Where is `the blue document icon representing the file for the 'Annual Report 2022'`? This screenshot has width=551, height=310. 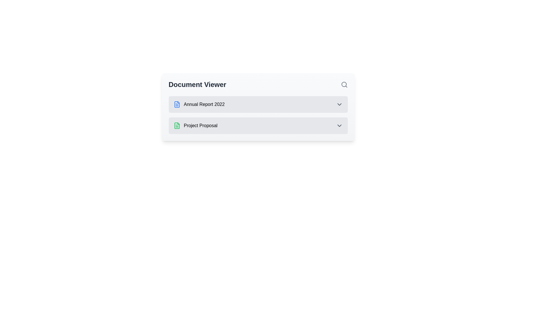 the blue document icon representing the file for the 'Annual Report 2022' is located at coordinates (176, 104).